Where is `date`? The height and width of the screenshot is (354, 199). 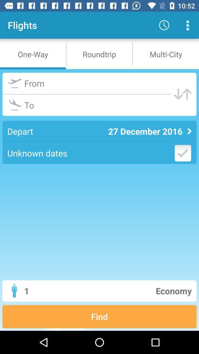 date is located at coordinates (182, 153).